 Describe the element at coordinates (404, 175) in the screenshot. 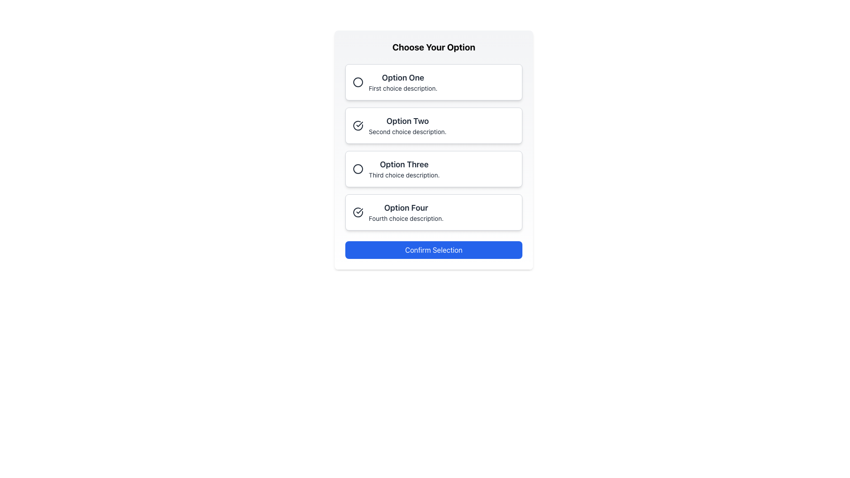

I see `the text label that provides additional descriptive information for the third selectable option in the list, located immediately below the title 'Option Three'` at that location.